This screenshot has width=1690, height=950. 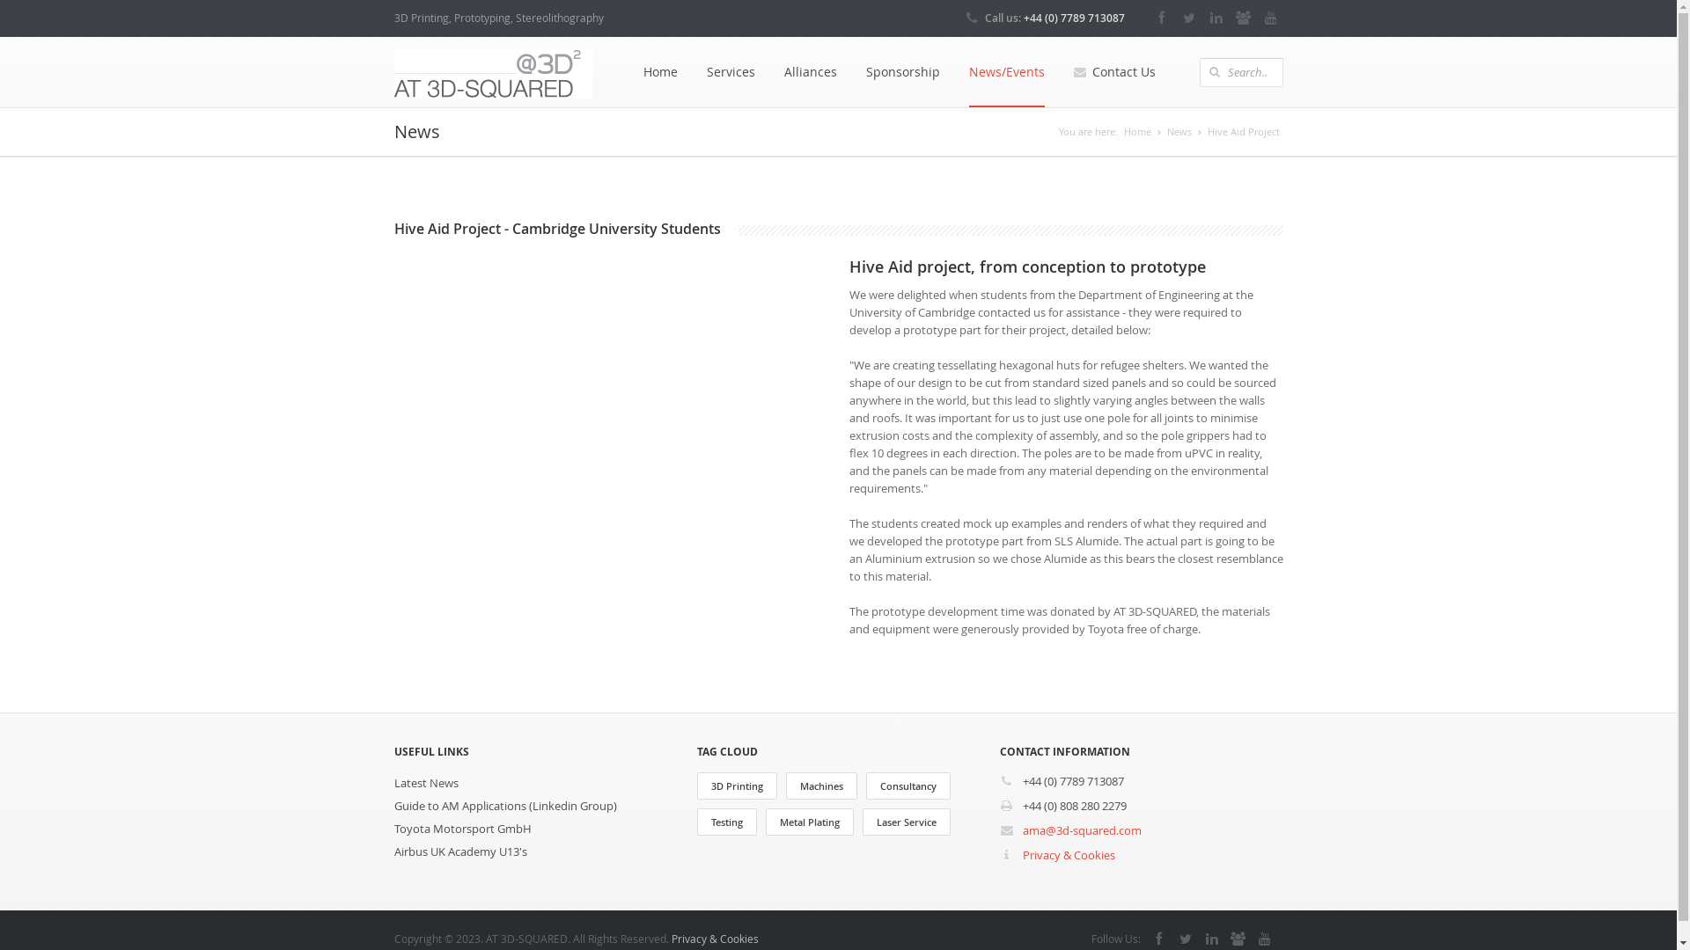 I want to click on '+44 (0) 808 280 2279', so click(x=1073, y=805).